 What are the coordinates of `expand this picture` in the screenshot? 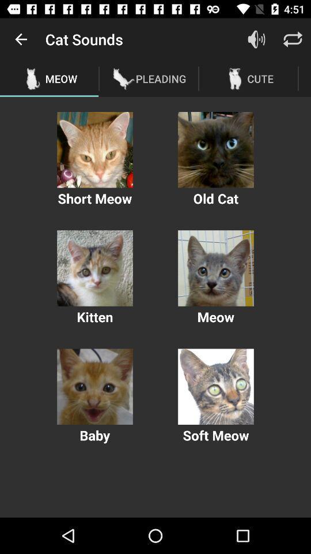 It's located at (94, 268).